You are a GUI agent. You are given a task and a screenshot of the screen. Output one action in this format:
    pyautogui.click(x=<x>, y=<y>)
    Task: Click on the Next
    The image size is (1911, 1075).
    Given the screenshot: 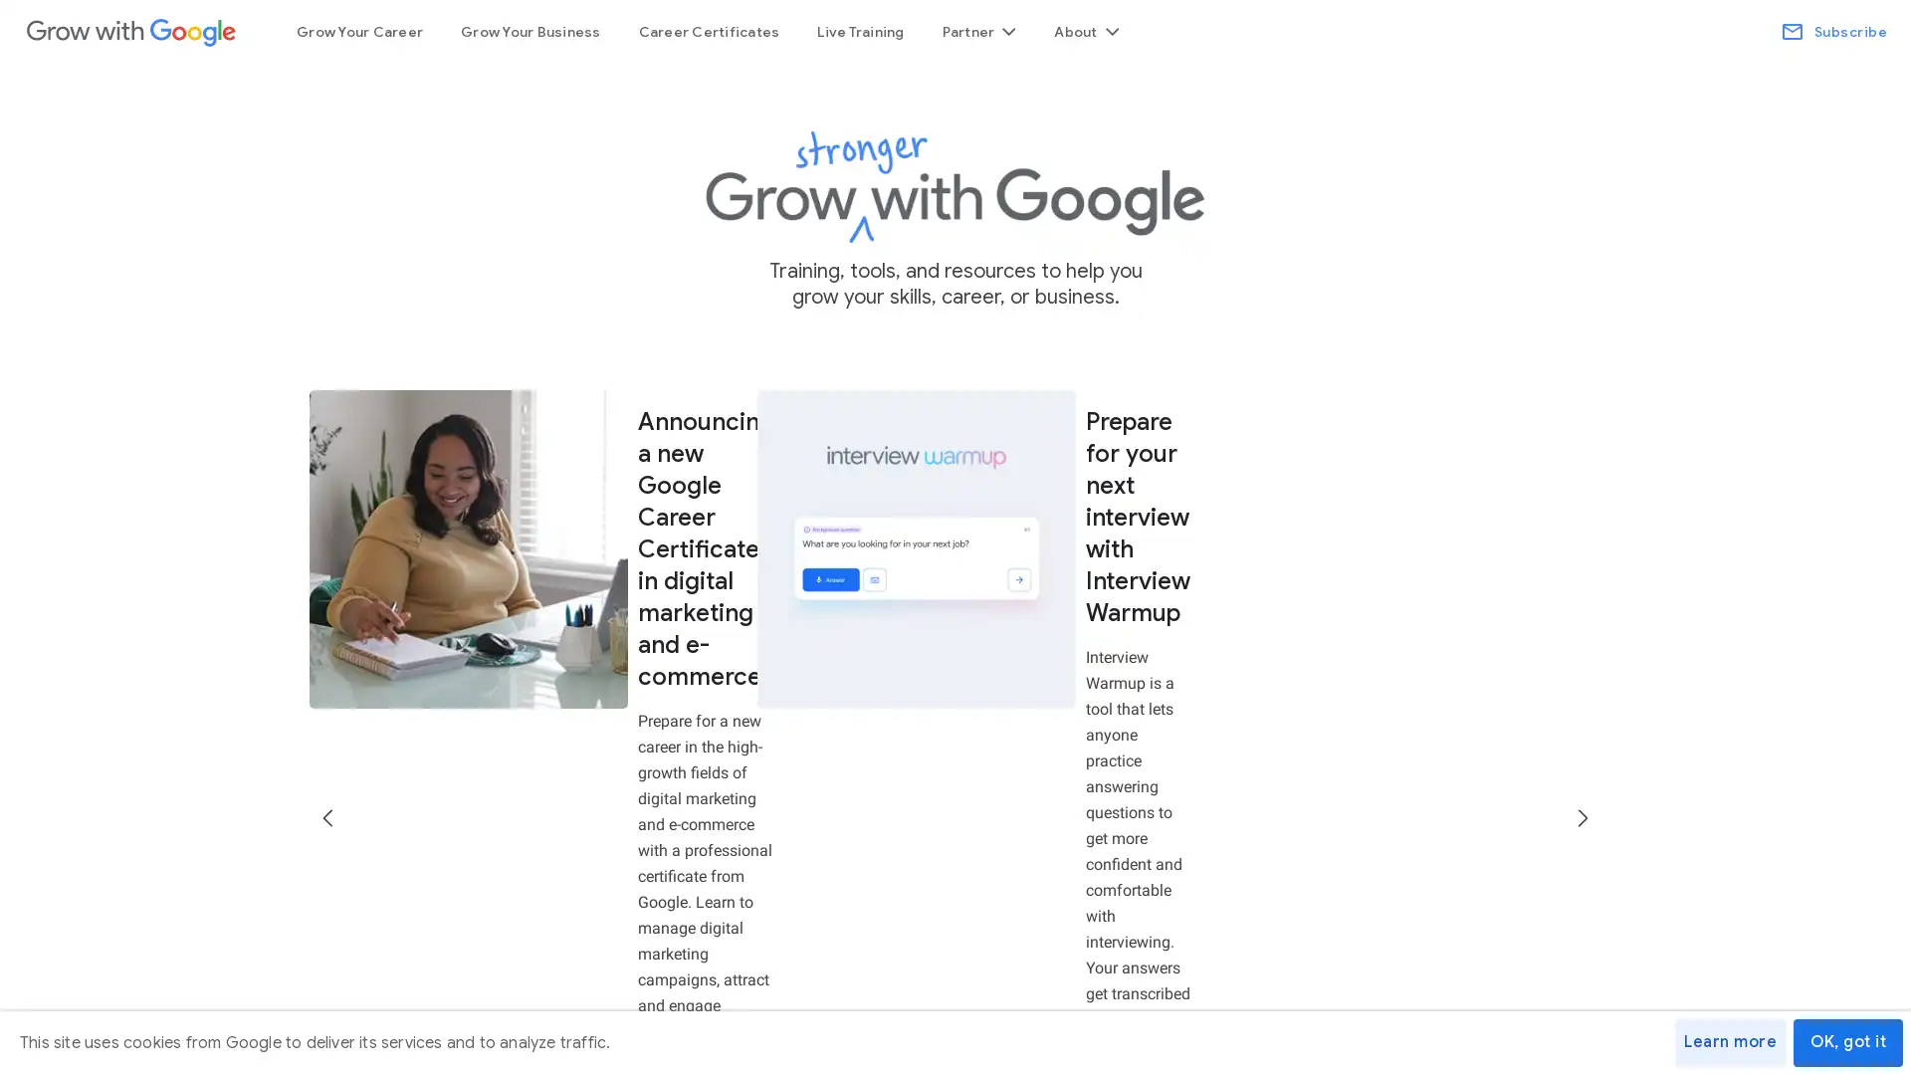 What is the action you would take?
    pyautogui.click(x=1580, y=597)
    